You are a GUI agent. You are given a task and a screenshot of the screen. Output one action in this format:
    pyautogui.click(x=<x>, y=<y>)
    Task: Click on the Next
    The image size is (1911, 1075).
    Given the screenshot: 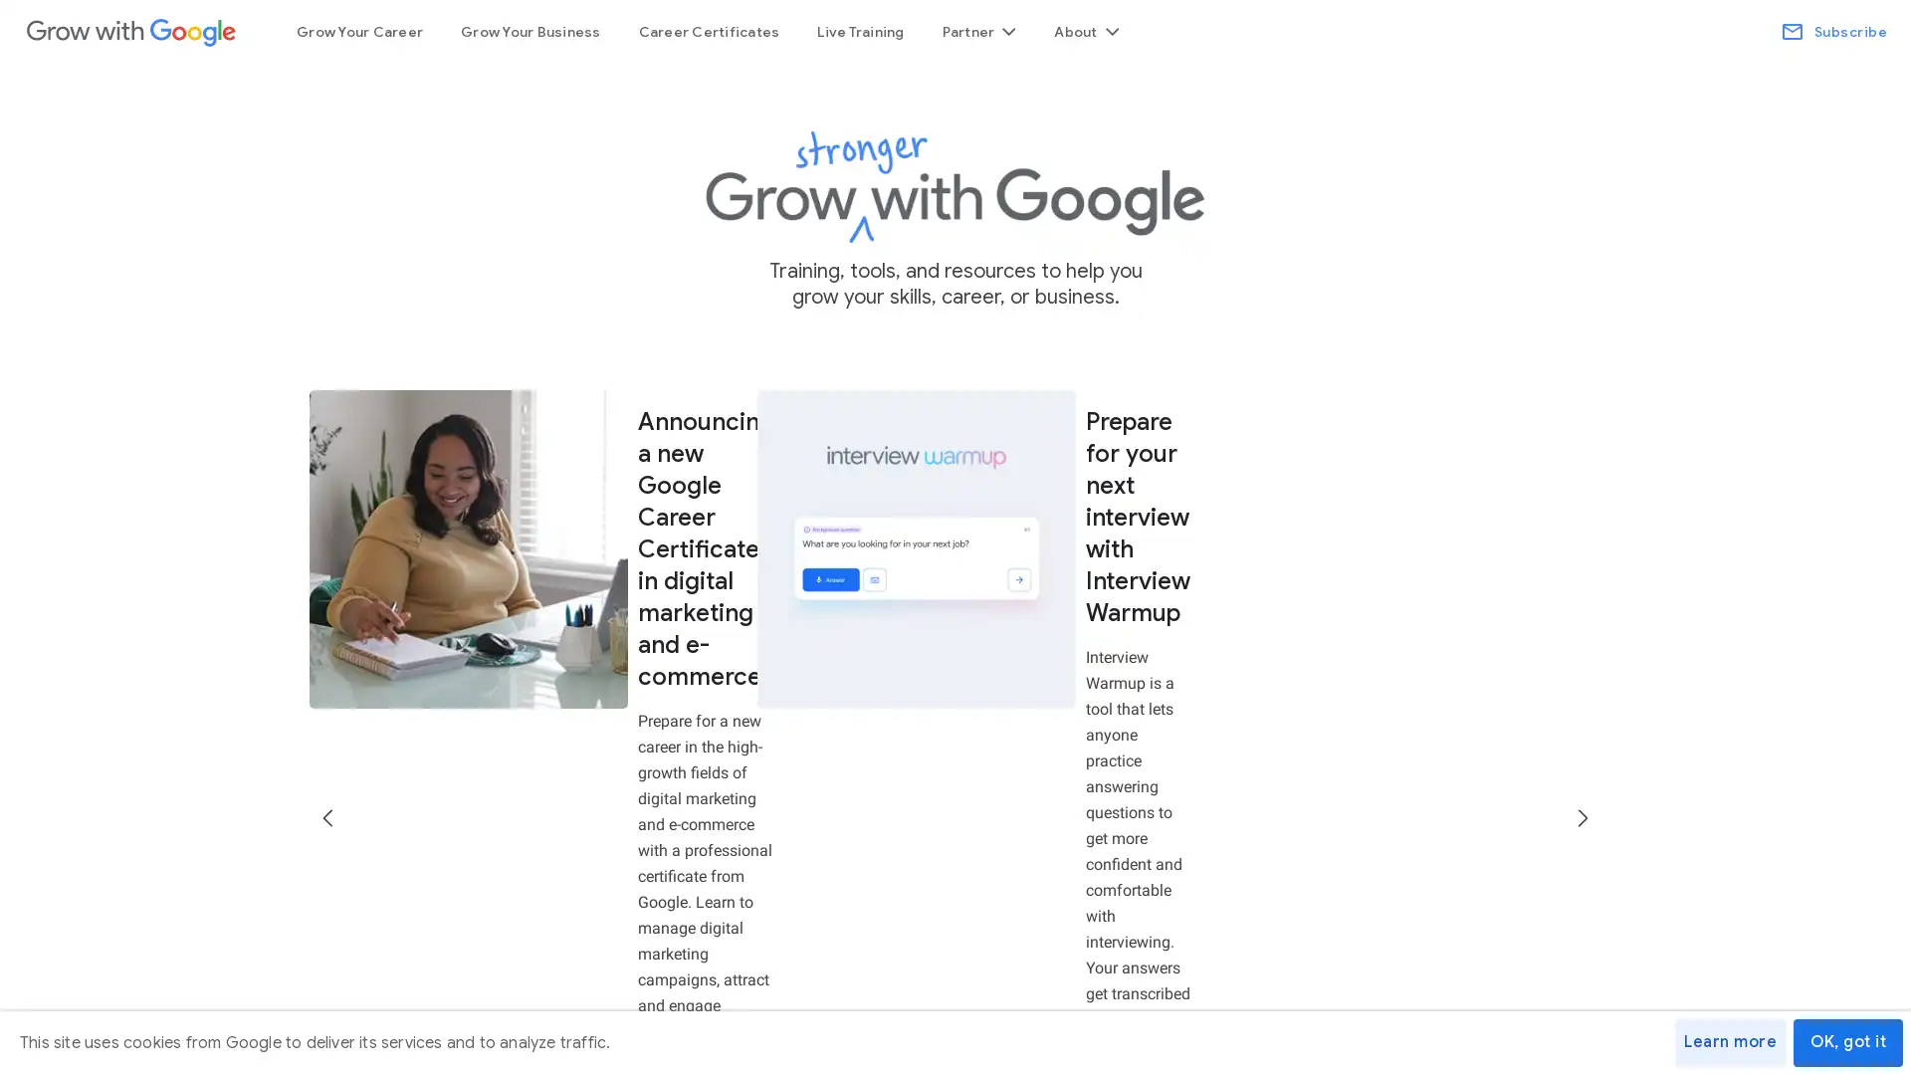 What is the action you would take?
    pyautogui.click(x=1580, y=597)
    